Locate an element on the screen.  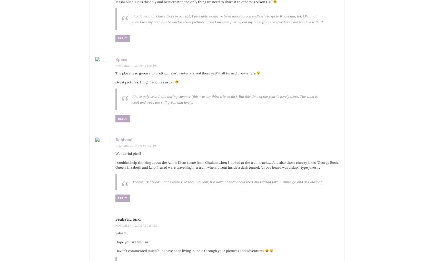
'November 4, 2009 at 5:23 pm' is located at coordinates (136, 65).